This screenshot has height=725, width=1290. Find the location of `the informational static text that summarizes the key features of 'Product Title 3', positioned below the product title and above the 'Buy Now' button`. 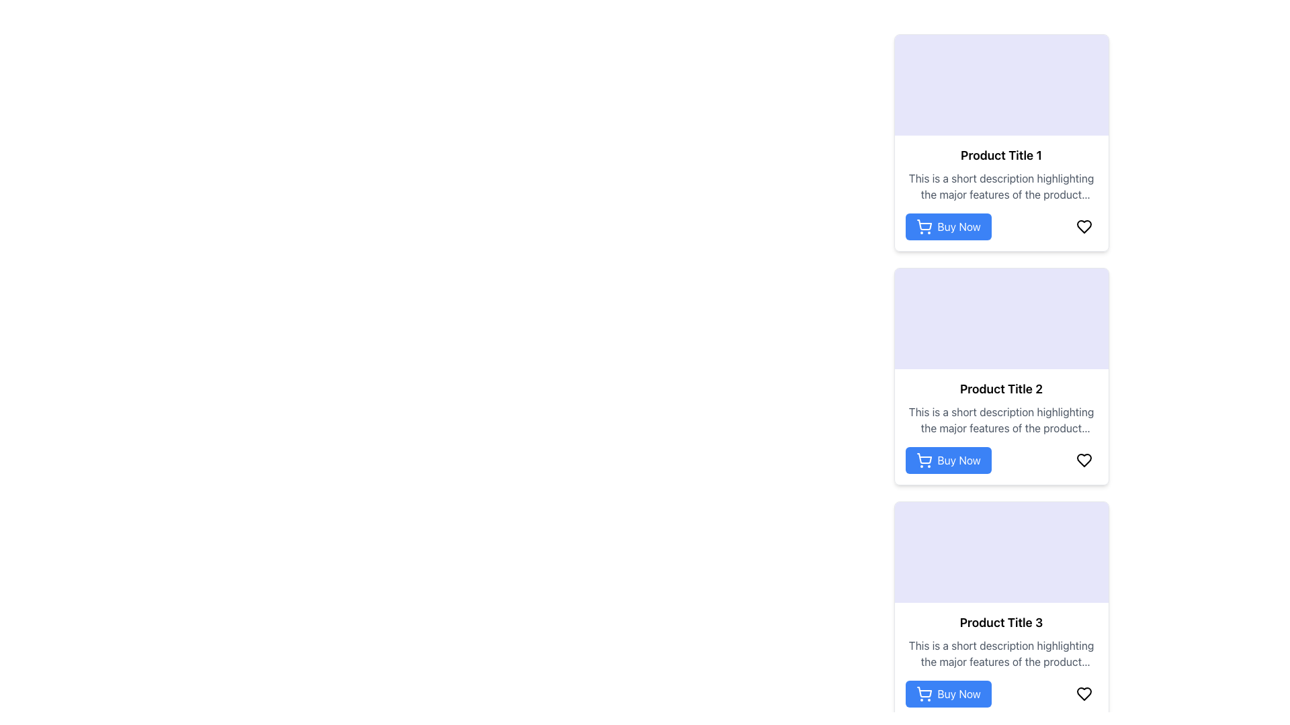

the informational static text that summarizes the key features of 'Product Title 3', positioned below the product title and above the 'Buy Now' button is located at coordinates (1001, 653).